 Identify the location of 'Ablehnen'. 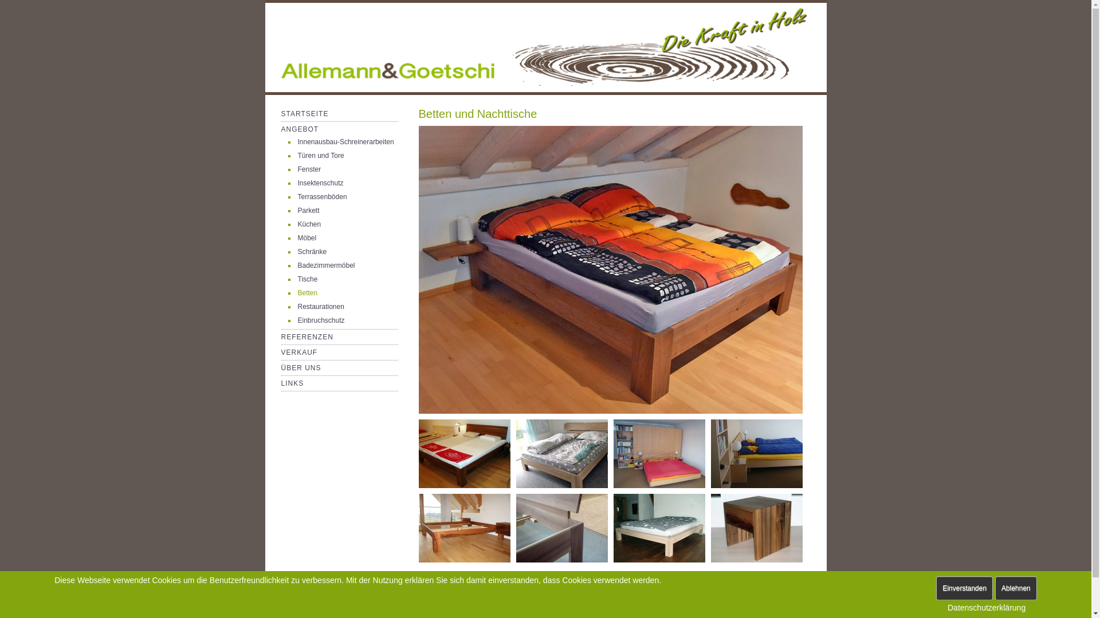
(995, 588).